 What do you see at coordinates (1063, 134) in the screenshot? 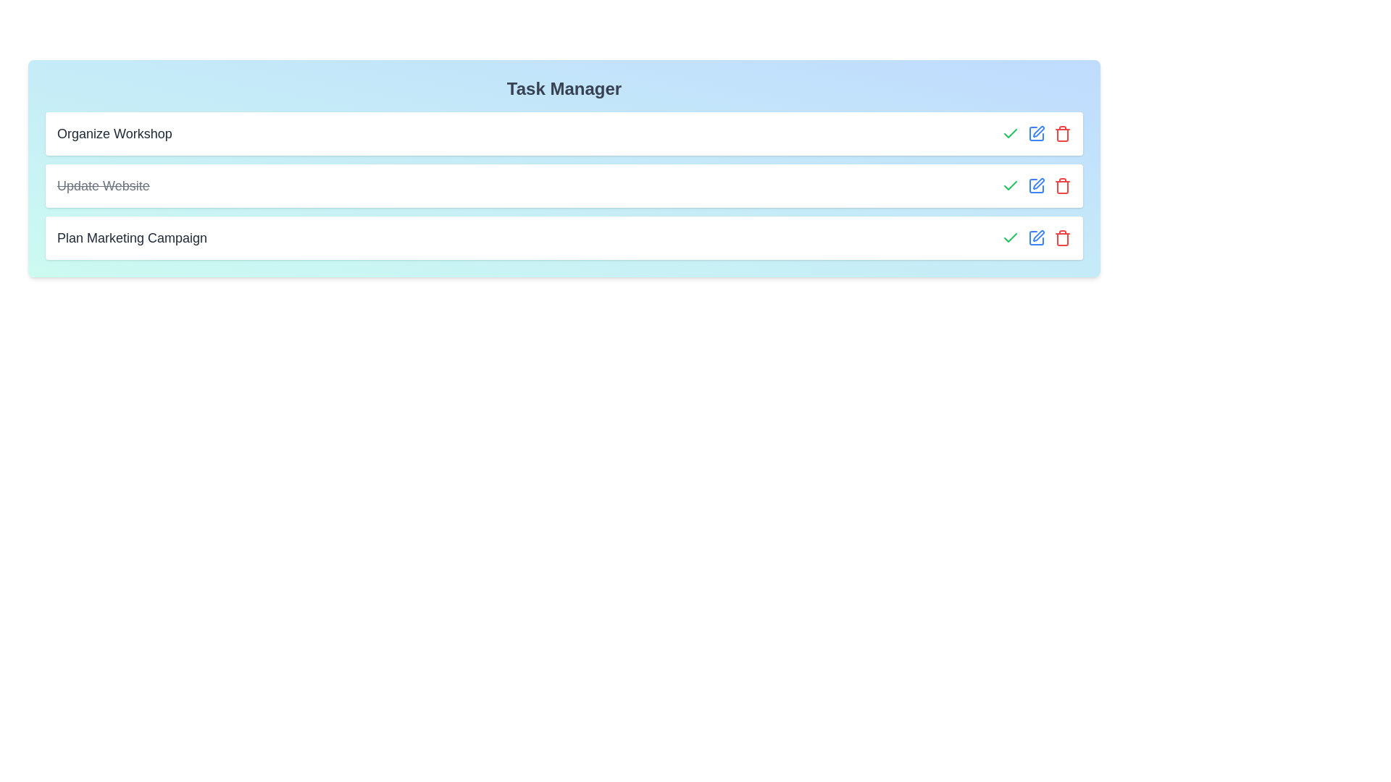
I see `the delete button for the task 'Organize Workshop'` at bounding box center [1063, 134].